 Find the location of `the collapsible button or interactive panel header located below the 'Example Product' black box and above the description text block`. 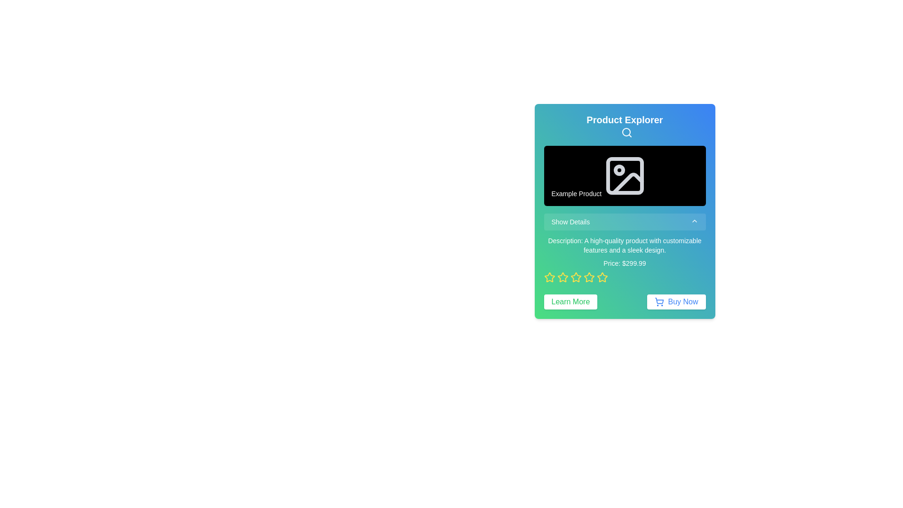

the collapsible button or interactive panel header located below the 'Example Product' black box and above the description text block is located at coordinates (625, 222).